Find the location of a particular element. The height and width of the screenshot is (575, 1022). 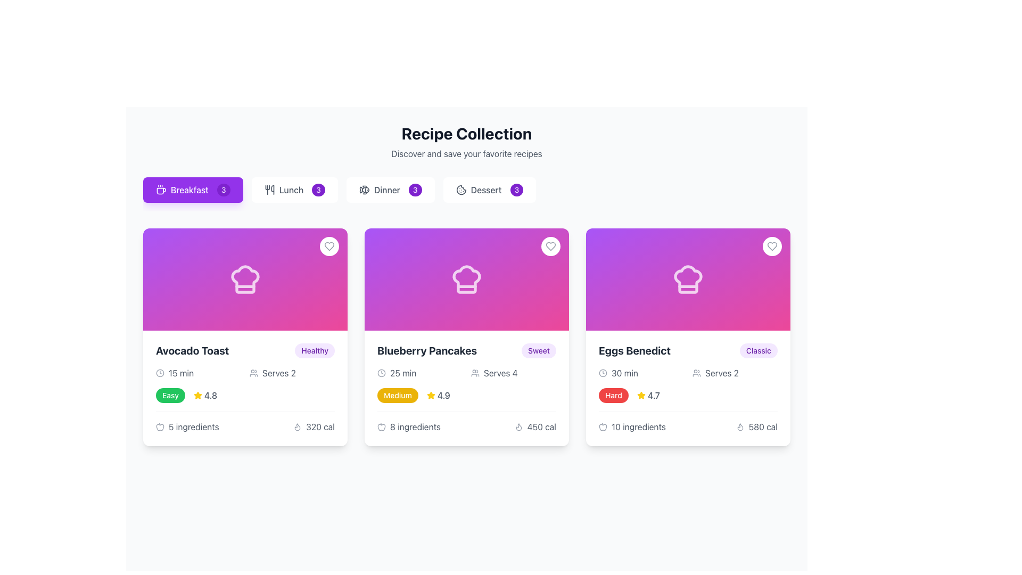

the difficulty indicator label for the 'Avocado Toast' recipe, located to the left of the star icon and rating score ('4.8') is located at coordinates (170, 396).